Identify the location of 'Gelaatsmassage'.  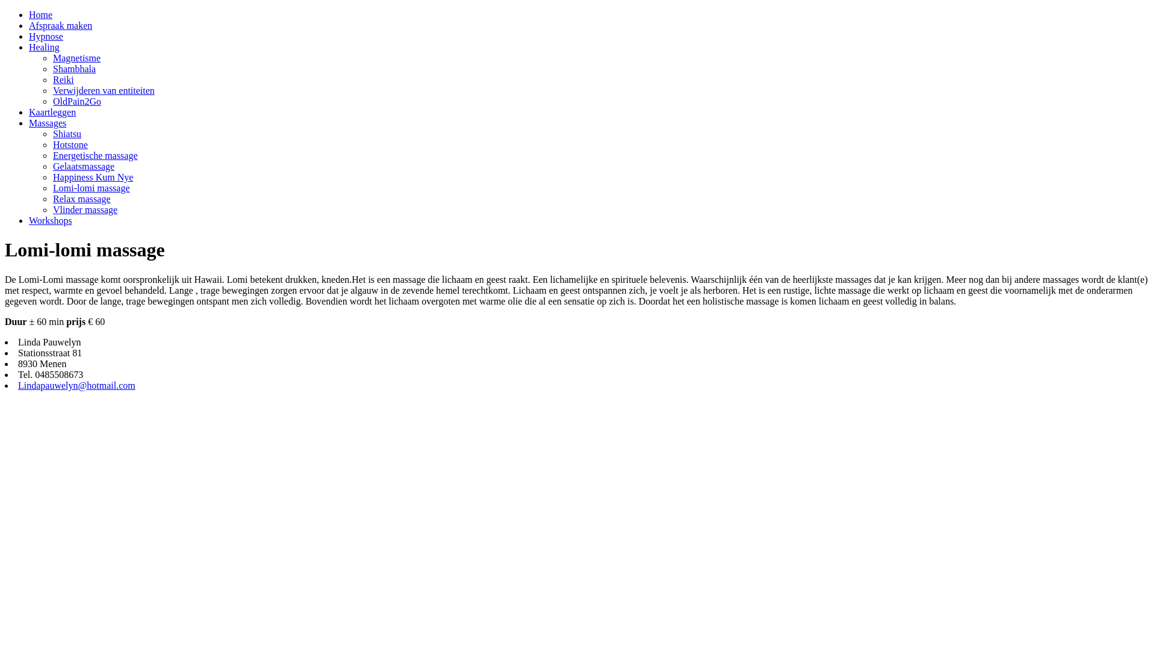
(52, 166).